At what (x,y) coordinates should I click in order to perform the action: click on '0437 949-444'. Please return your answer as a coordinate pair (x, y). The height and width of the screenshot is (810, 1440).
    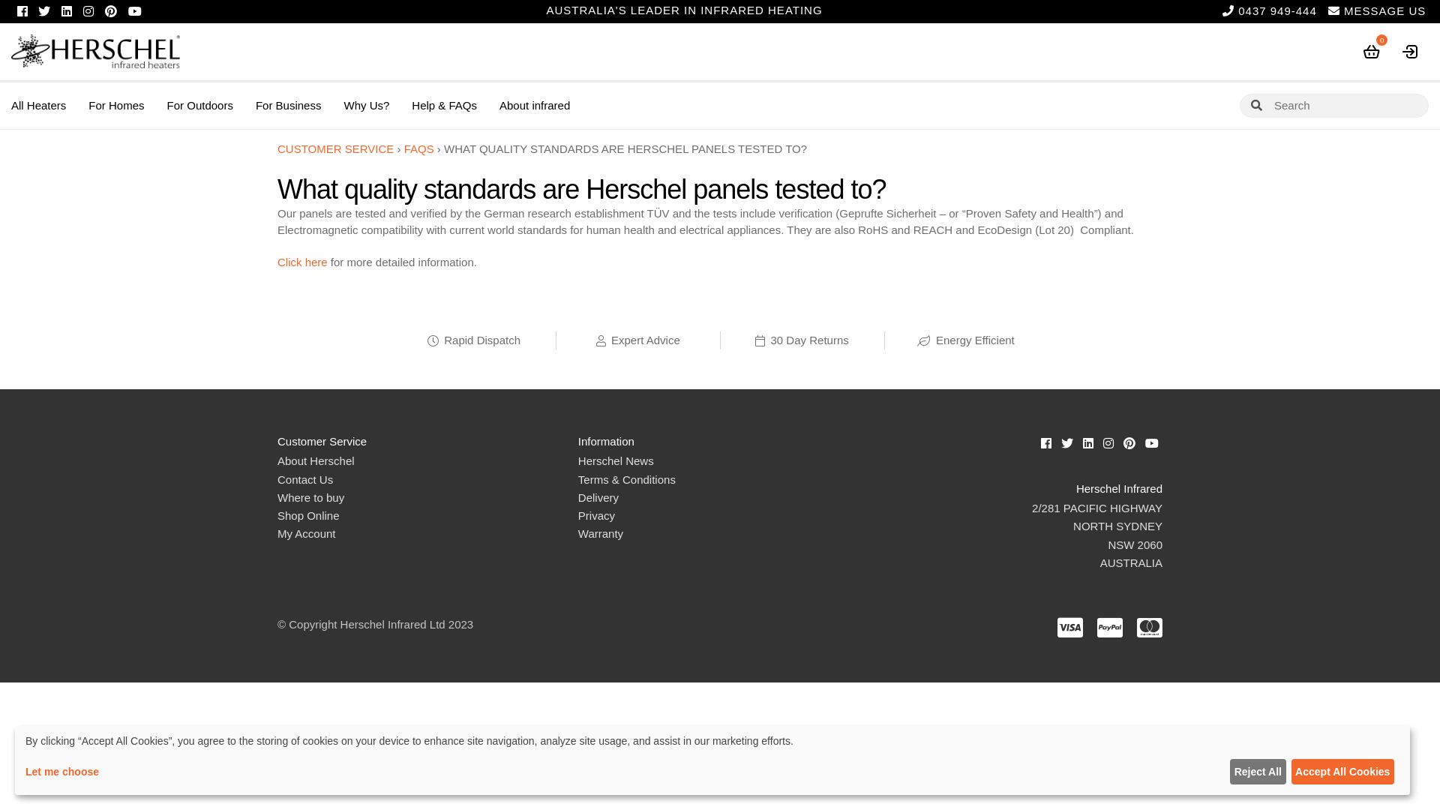
    Looking at the image, I should click on (1222, 11).